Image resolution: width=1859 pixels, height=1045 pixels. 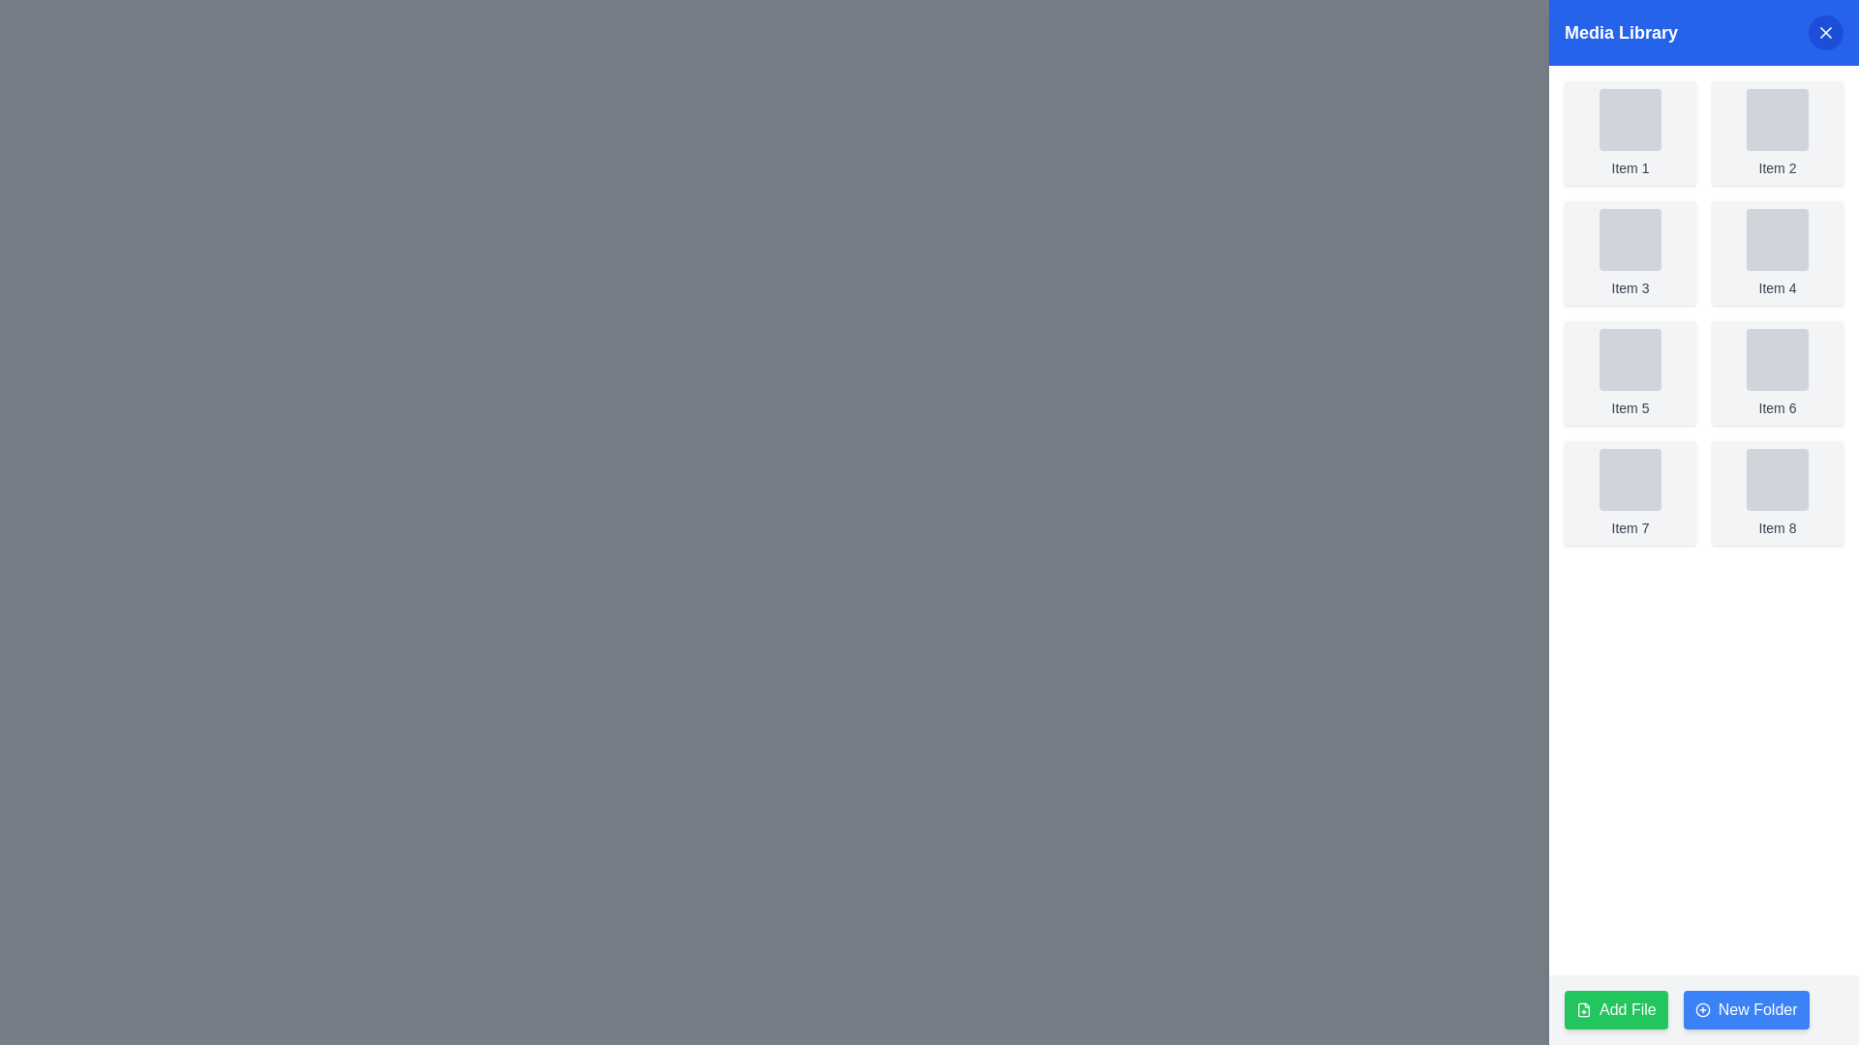 What do you see at coordinates (1778, 492) in the screenshot?
I see `the Card component, which is the eighth item in a grid layout located in the lower-right corner` at bounding box center [1778, 492].